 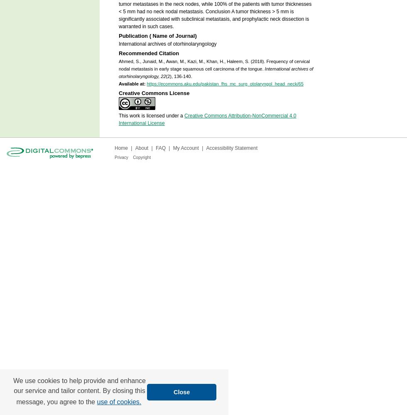 I want to click on 'My Account', so click(x=173, y=148).